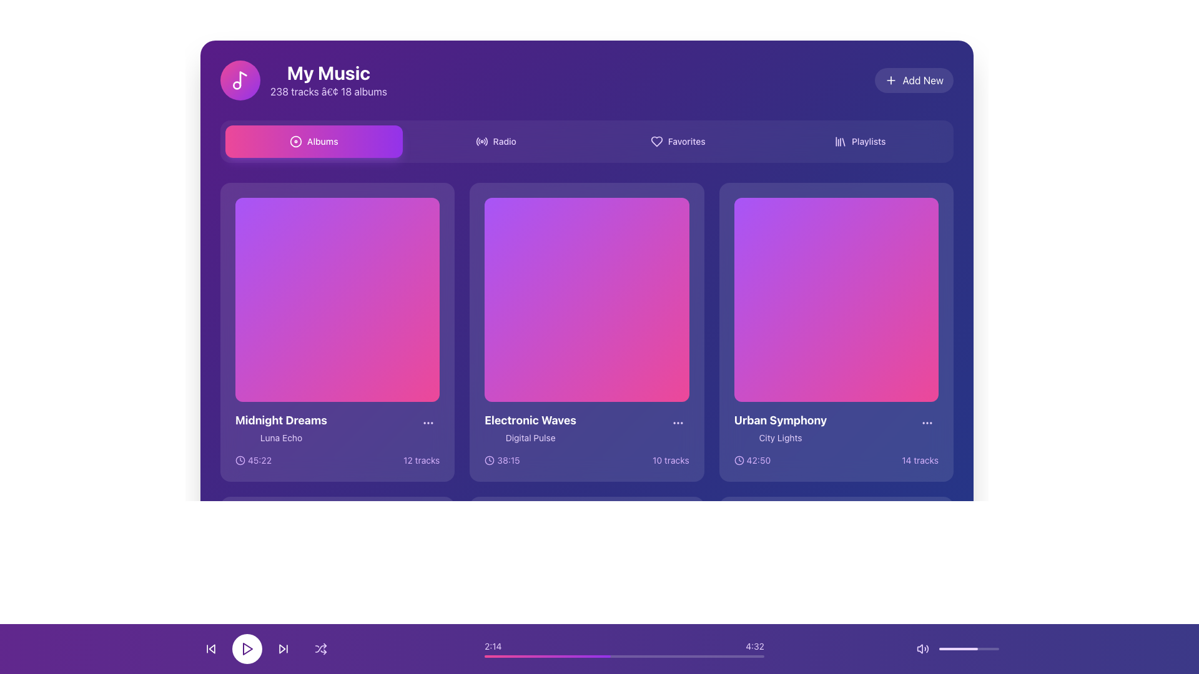 The height and width of the screenshot is (674, 1199). Describe the element at coordinates (237, 85) in the screenshot. I see `the small circular SVG element that is part of the musical note icon located on the lower-left side of the icon adjacent to the text 'My Music'` at that location.